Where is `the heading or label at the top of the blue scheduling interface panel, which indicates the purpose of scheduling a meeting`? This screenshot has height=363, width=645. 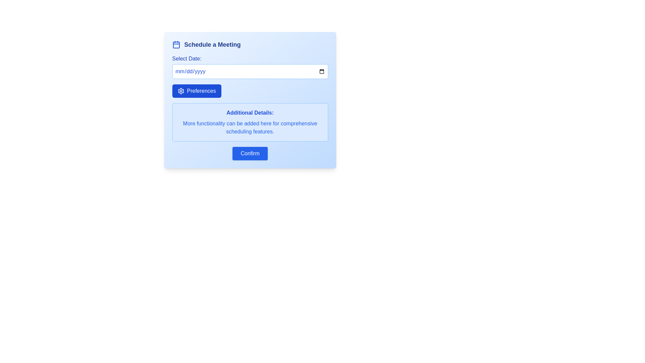 the heading or label at the top of the blue scheduling interface panel, which indicates the purpose of scheduling a meeting is located at coordinates (212, 44).